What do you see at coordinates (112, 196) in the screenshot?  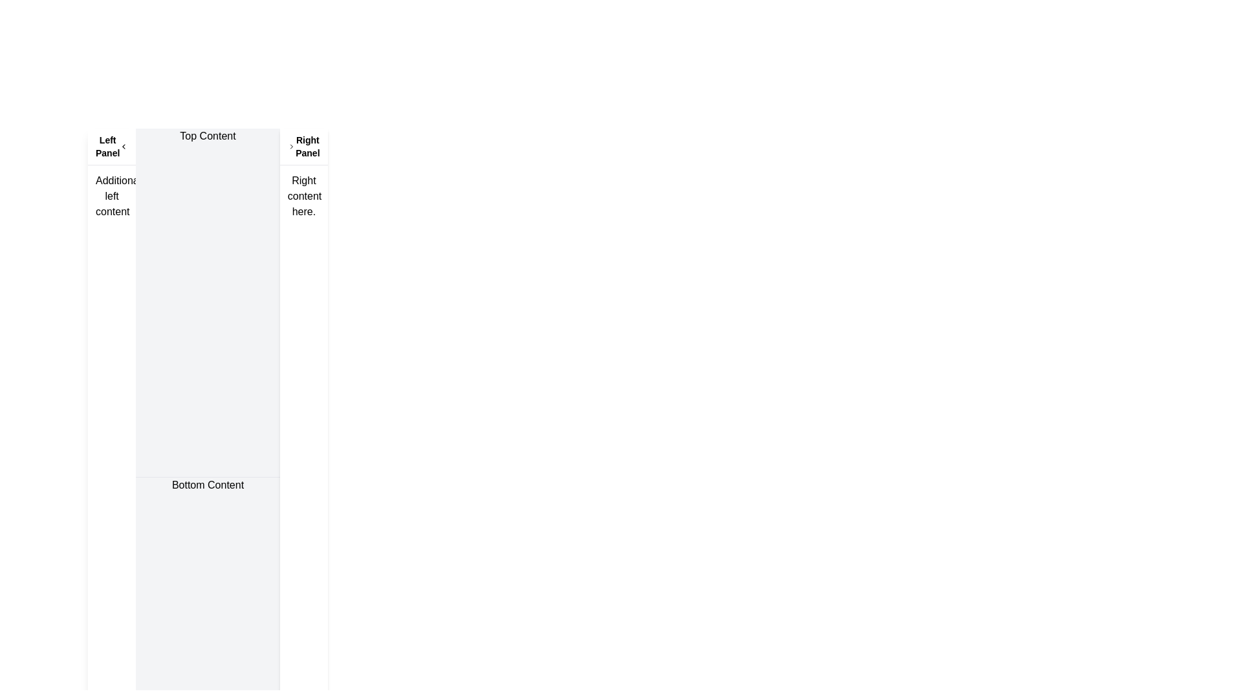 I see `the static text content element in the left panel, which is located near the top left corner of the layout` at bounding box center [112, 196].